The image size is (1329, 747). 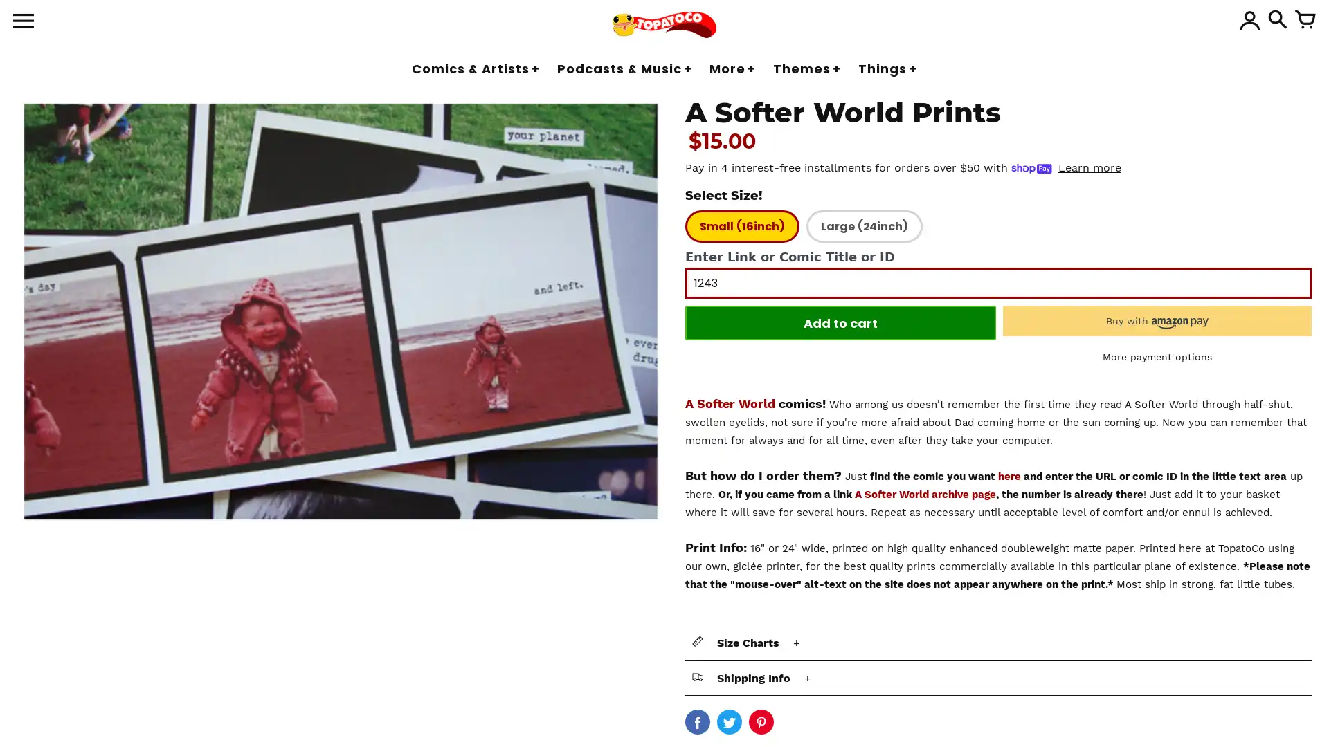 I want to click on Buy now with Amazon Pay, so click(x=1157, y=320).